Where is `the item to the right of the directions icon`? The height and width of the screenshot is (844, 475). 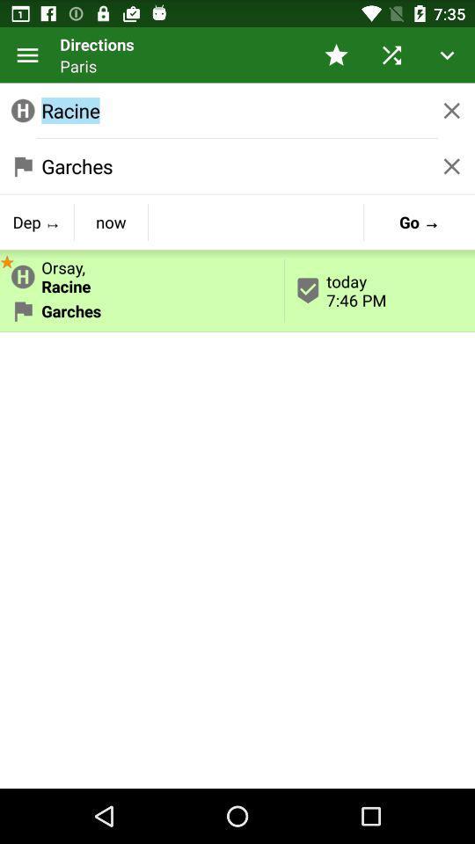
the item to the right of the directions icon is located at coordinates (336, 55).